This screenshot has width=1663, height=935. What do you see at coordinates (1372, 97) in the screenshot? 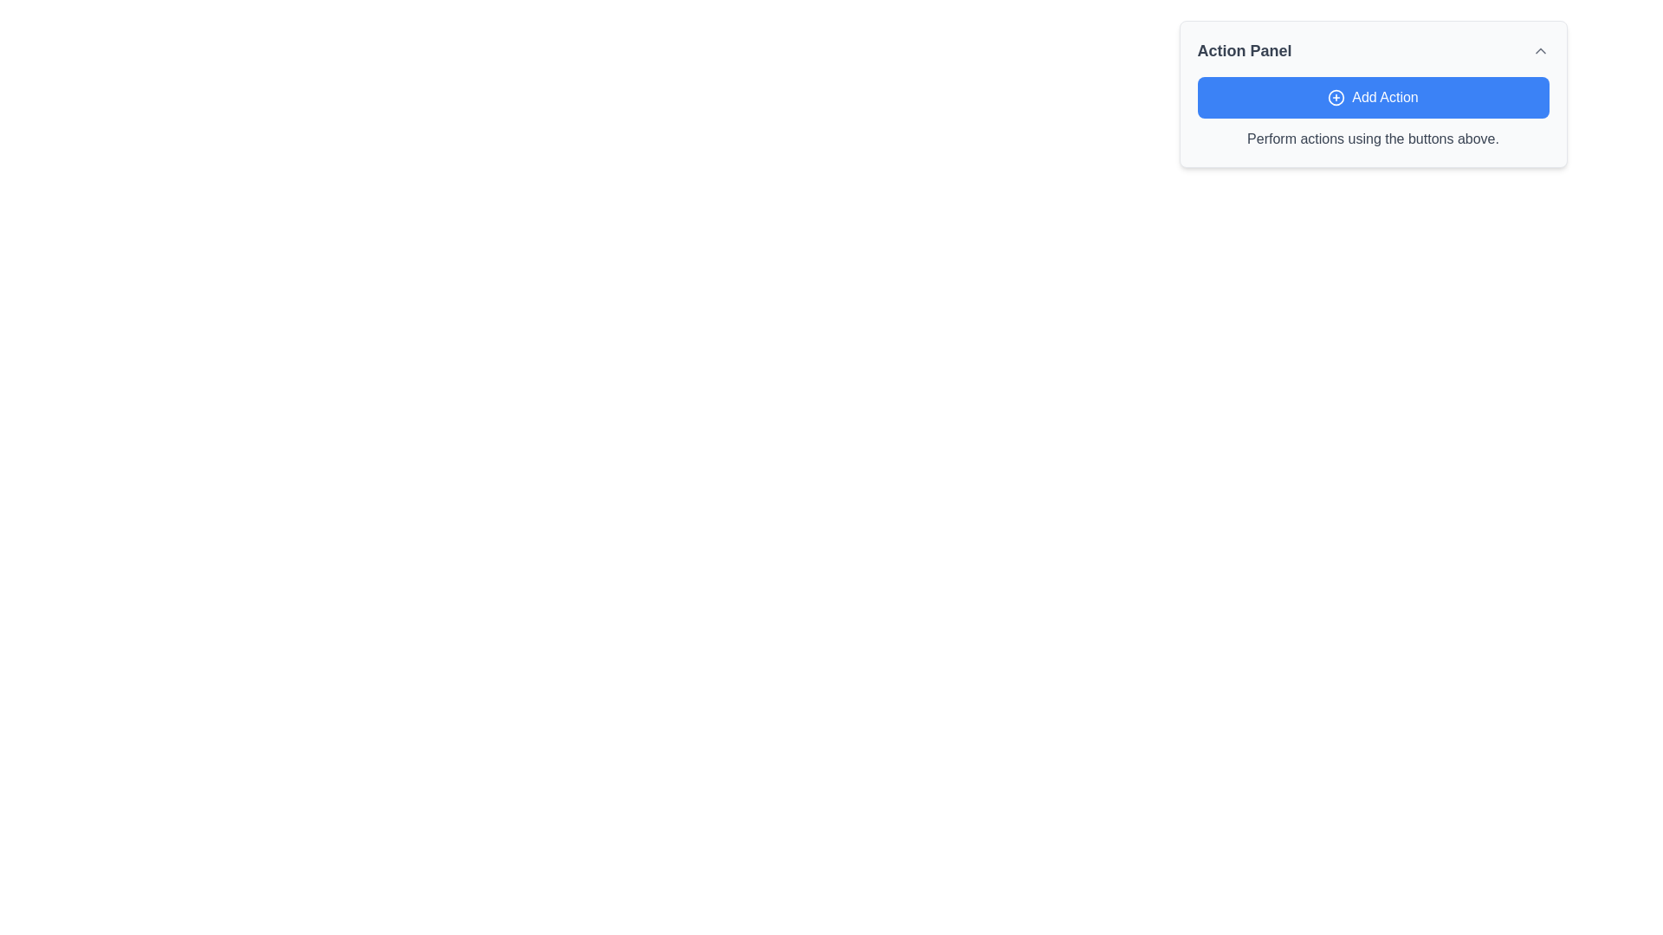
I see `the 'Add Action' button located in the central-right region of the interface` at bounding box center [1372, 97].